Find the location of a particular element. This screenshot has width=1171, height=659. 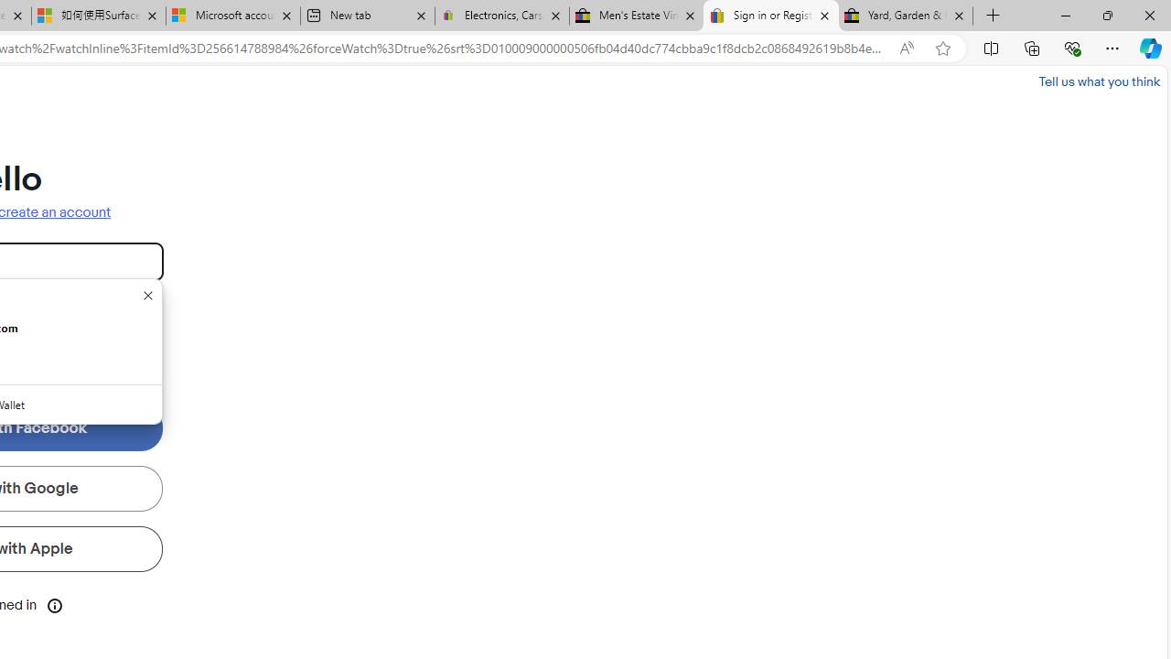

'Tell us what you think - Link opens in a new window' is located at coordinates (1098, 81).